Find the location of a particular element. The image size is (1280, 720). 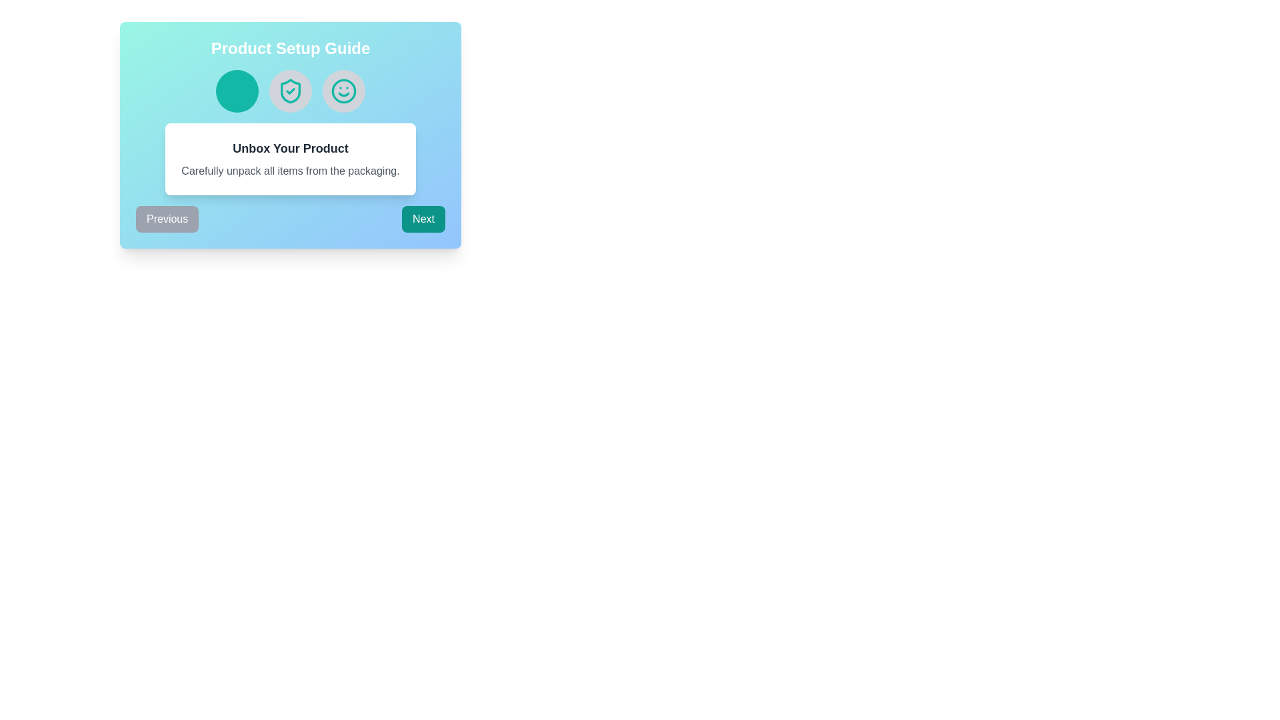

the shield icon with a checkmark, which is the middle icon in a horizontal grouping of three circular icons, to interact with it is located at coordinates (290, 91).